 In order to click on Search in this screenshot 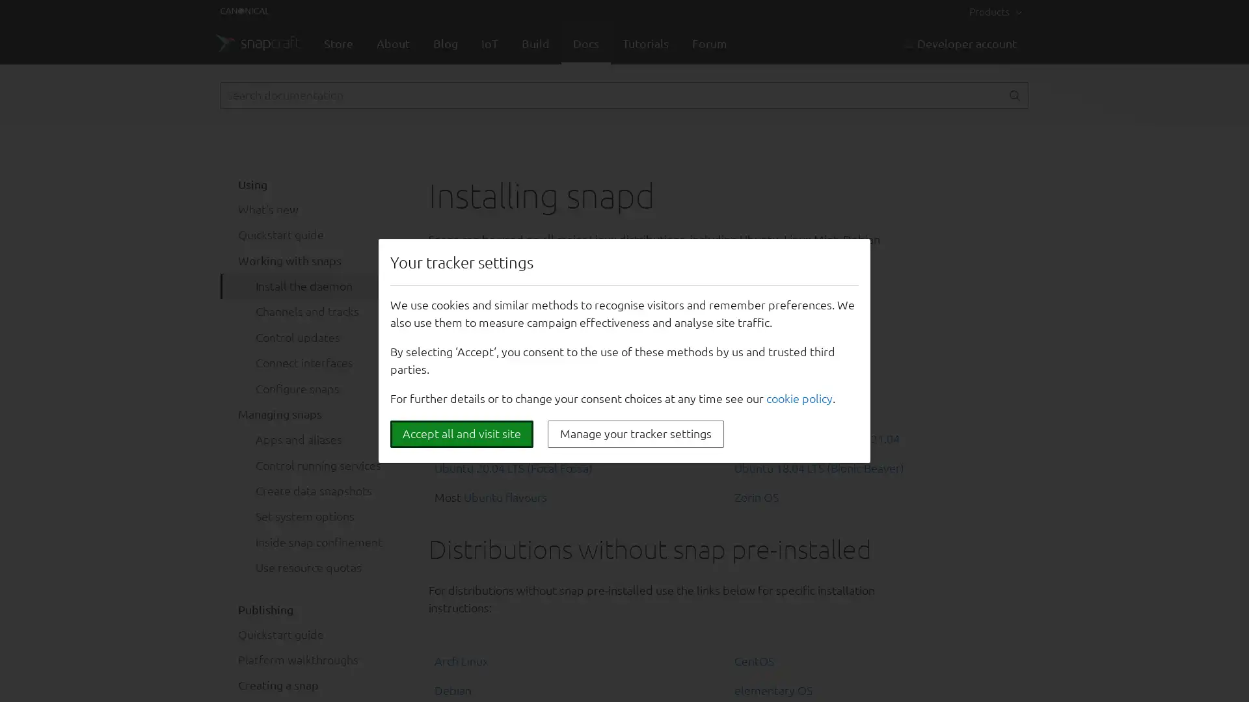, I will do `click(1014, 94)`.